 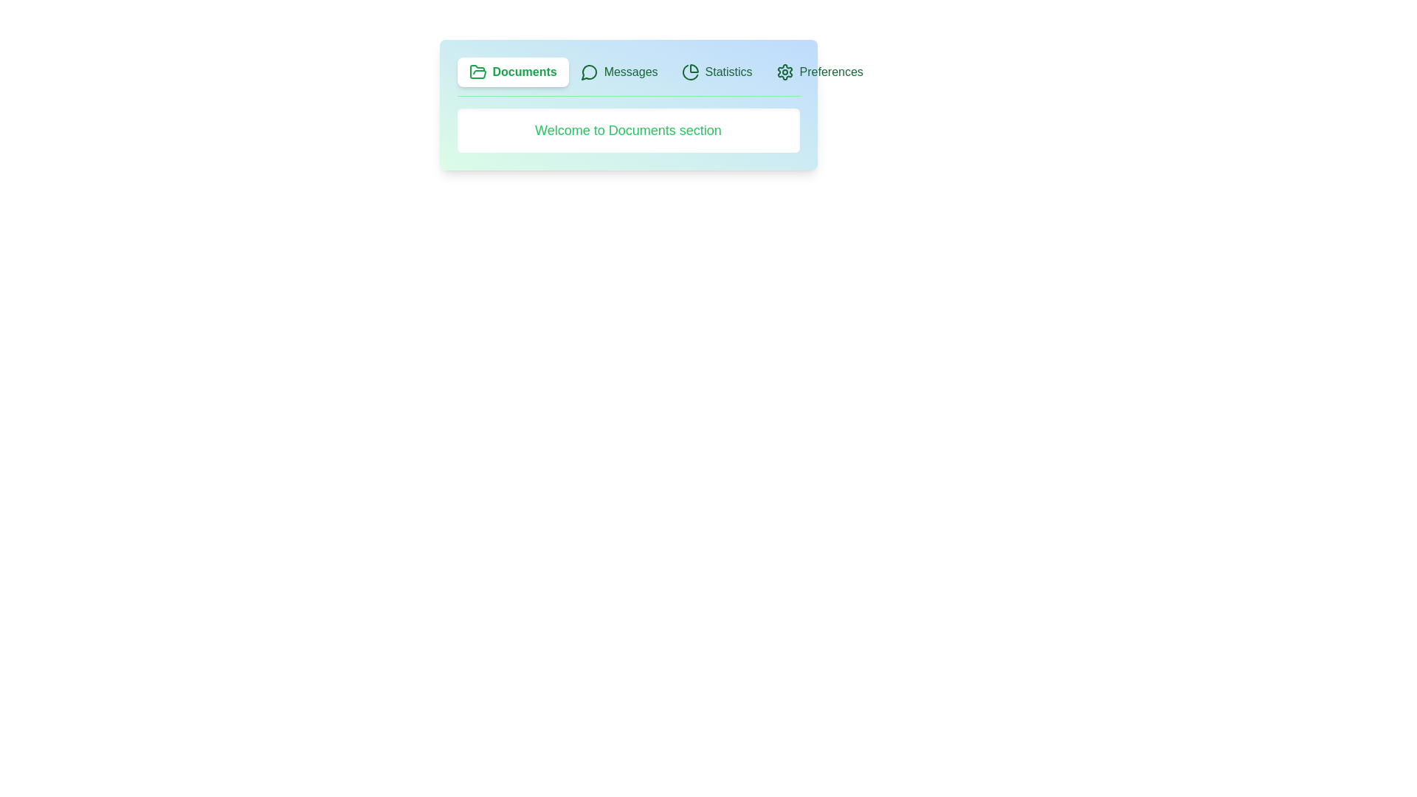 I want to click on the tab labeled Statistics to see its visual feedback, so click(x=717, y=72).